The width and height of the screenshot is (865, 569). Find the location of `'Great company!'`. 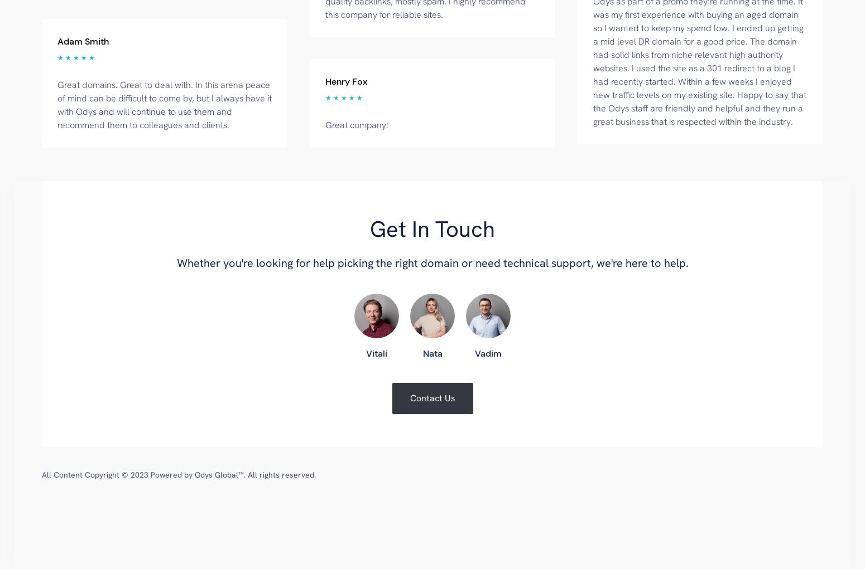

'Great company!' is located at coordinates (325, 124).